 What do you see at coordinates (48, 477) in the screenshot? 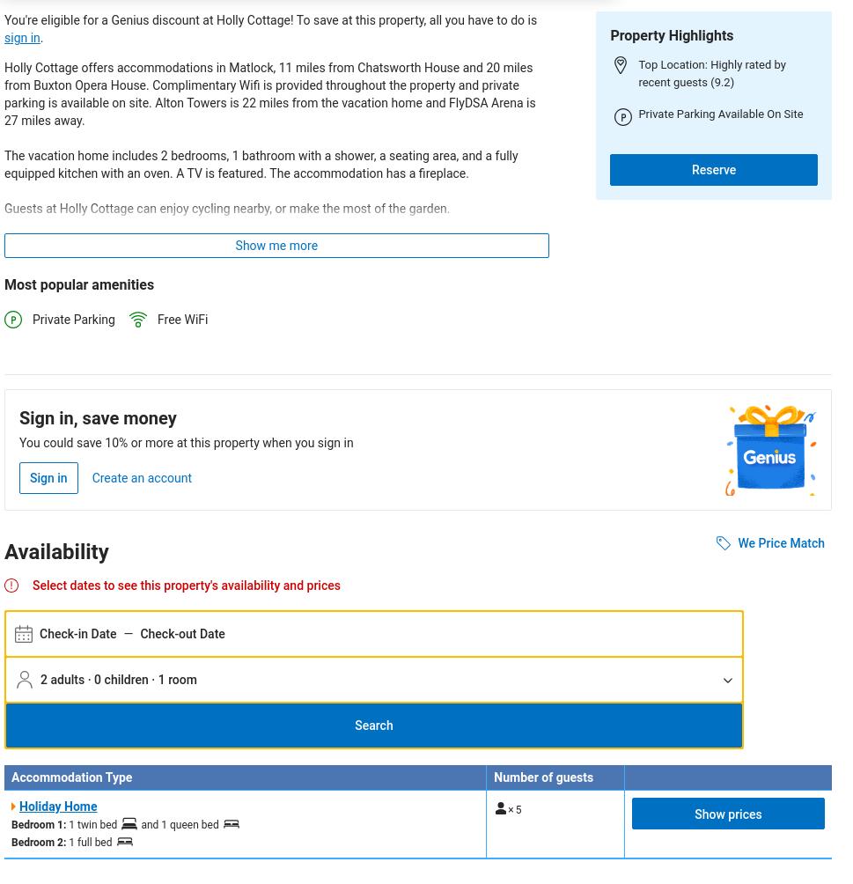
I see `'Sign in'` at bounding box center [48, 477].